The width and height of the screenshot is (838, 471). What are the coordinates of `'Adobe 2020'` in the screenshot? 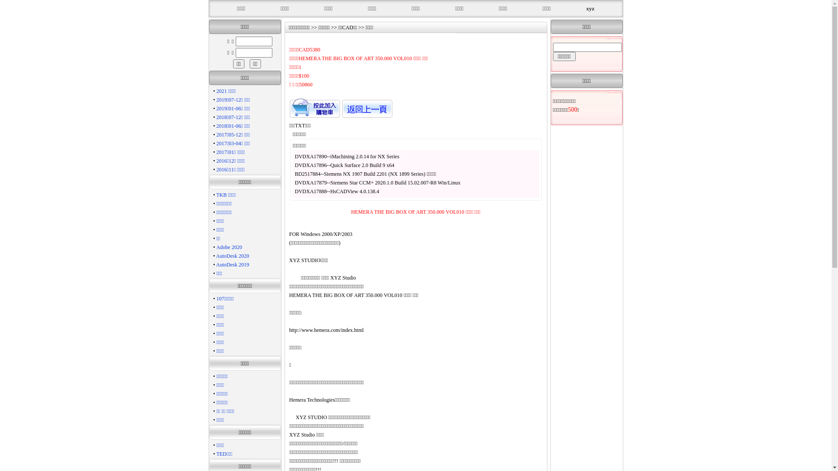 It's located at (229, 247).